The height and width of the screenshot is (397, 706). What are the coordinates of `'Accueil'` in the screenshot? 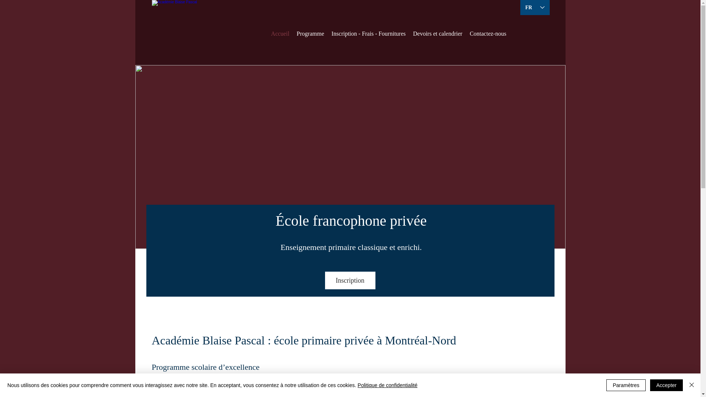 It's located at (280, 33).